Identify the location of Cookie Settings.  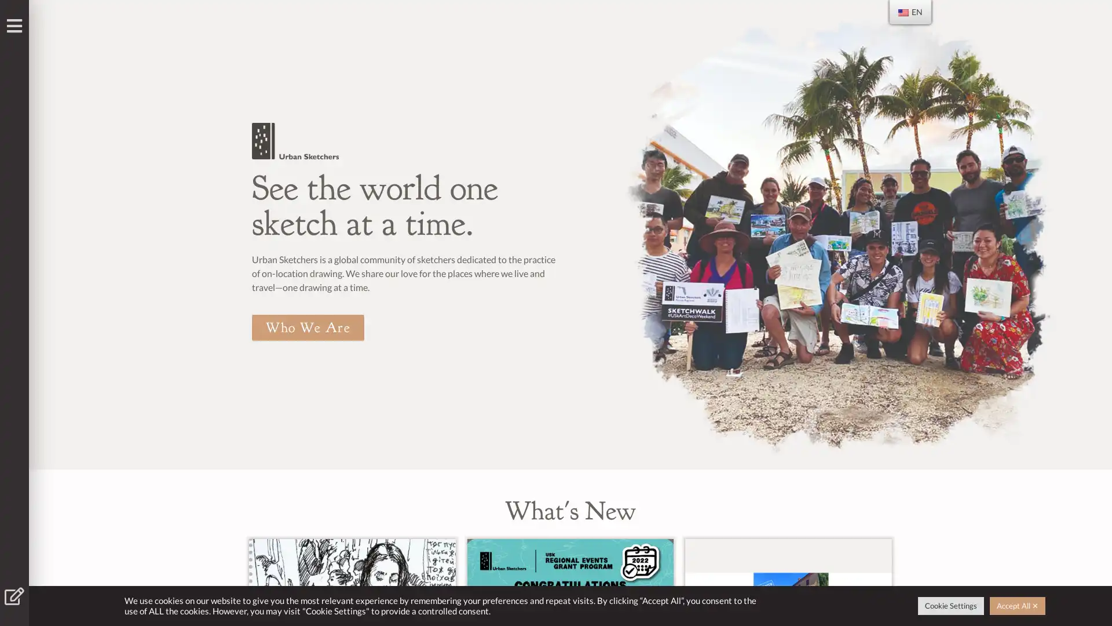
(950, 605).